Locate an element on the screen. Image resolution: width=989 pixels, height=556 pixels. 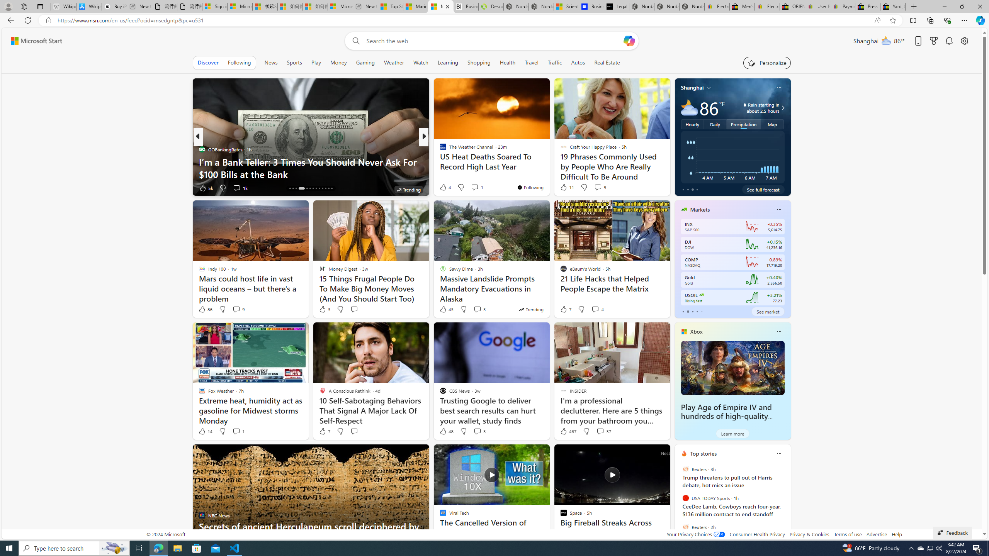
'Learning' is located at coordinates (447, 62).